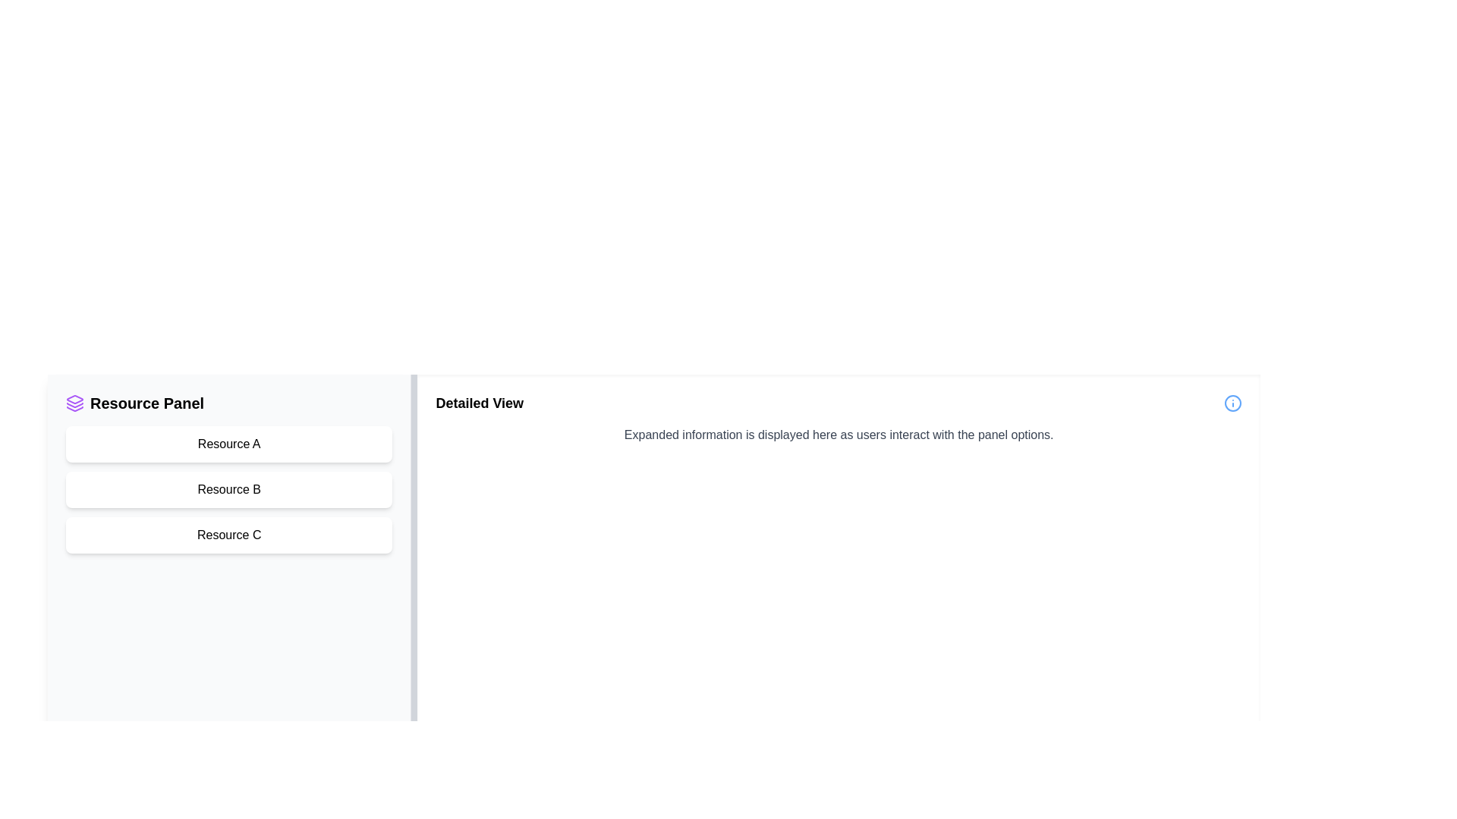  I want to click on the 'Resource C' button in the 'Resource Panel' section, so click(228, 534).